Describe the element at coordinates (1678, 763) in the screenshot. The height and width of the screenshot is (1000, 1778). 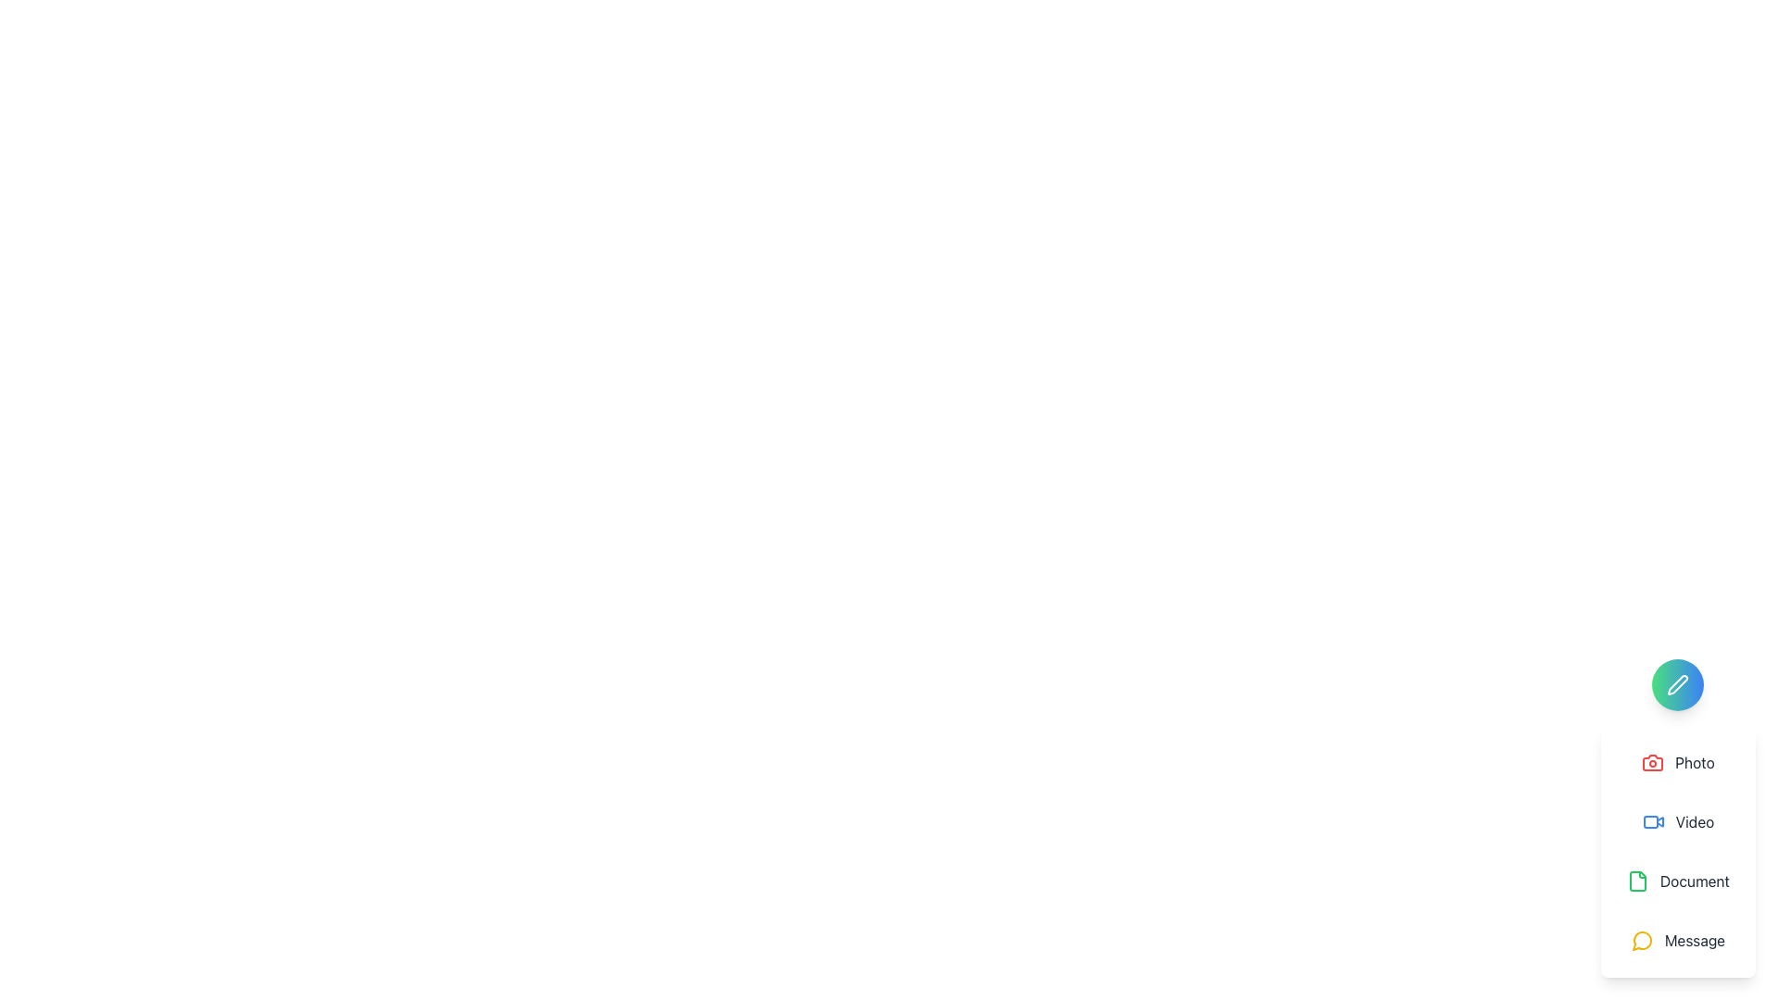
I see `the photo action button located just below the circular icon in the white rounded-corner menu` at that location.